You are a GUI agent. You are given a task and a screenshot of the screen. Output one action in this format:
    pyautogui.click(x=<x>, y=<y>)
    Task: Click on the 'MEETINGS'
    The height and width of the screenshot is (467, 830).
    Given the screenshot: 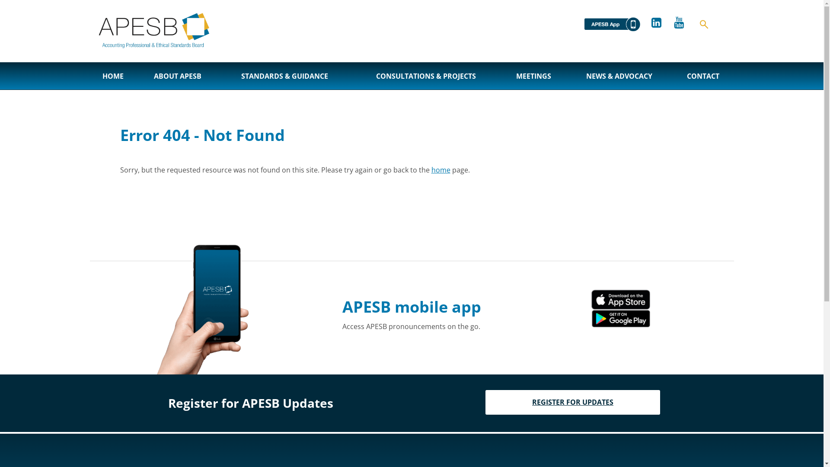 What is the action you would take?
    pyautogui.click(x=533, y=76)
    